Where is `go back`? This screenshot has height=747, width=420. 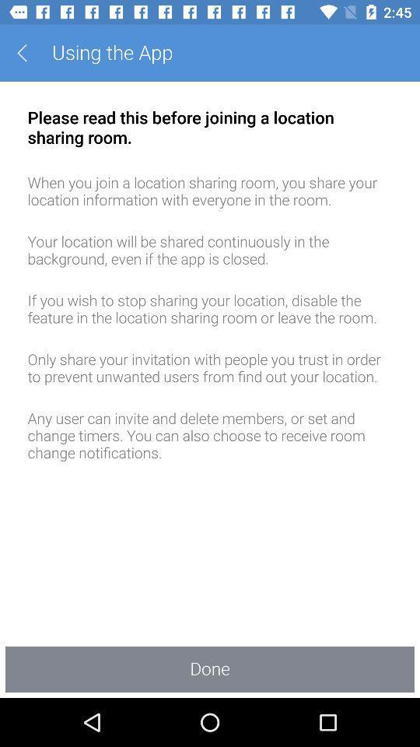 go back is located at coordinates (27, 53).